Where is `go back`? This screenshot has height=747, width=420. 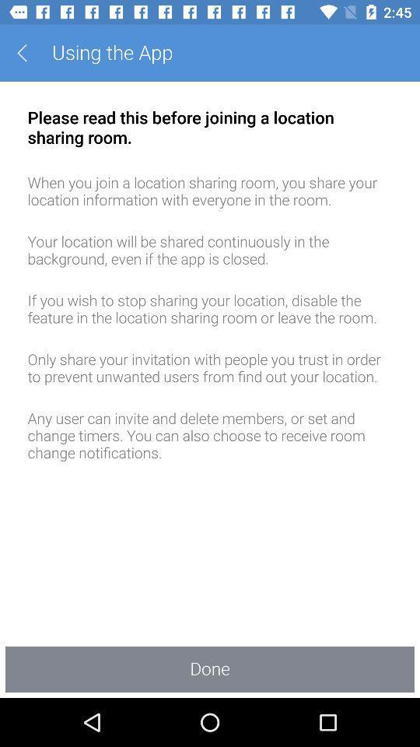 go back is located at coordinates (27, 53).